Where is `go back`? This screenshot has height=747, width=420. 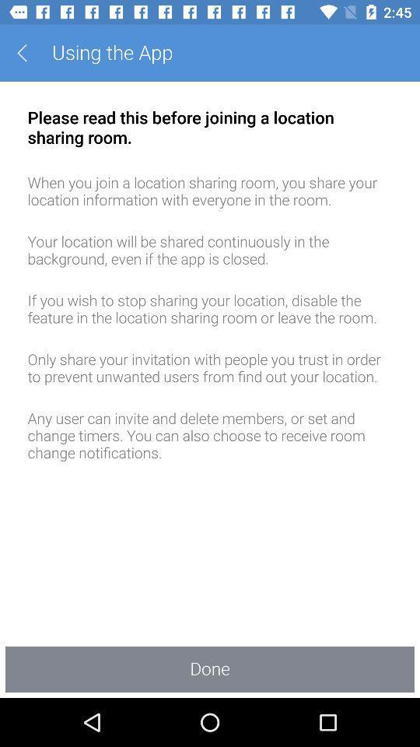 go back is located at coordinates (27, 53).